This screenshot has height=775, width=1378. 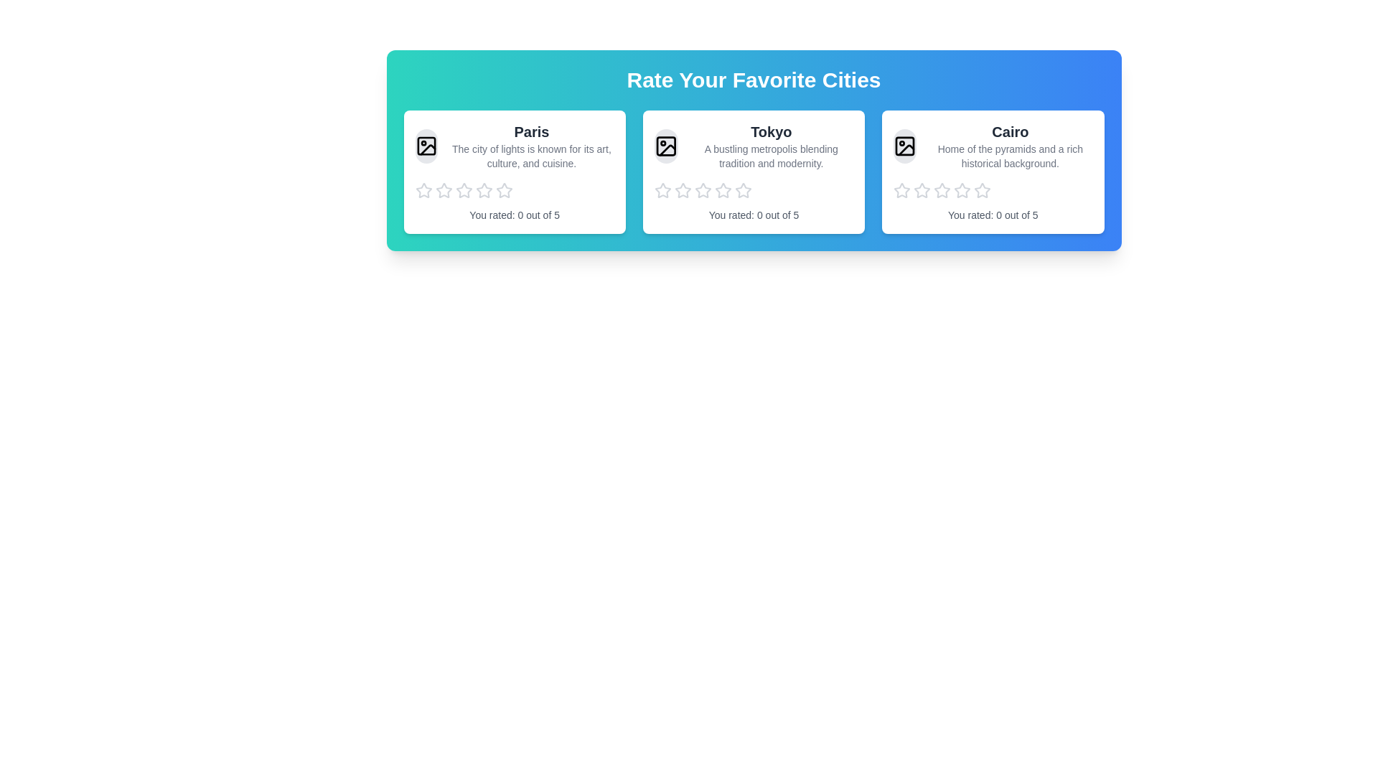 What do you see at coordinates (770, 132) in the screenshot?
I see `Heading text that serves as the title for the Tokyo card, located at the horizontal center of the page, above the descriptive text` at bounding box center [770, 132].